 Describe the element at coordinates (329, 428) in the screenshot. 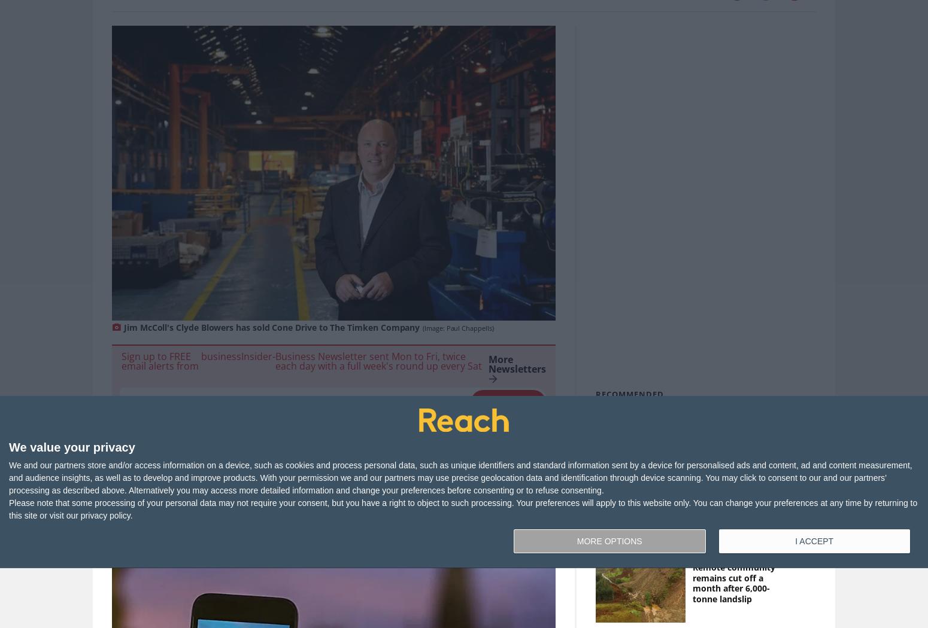

I see `'We use your sign-up to provide content in ways you’ve consented to and improve our understanding of you. This may include adverts from us and third parties based on our knowledge of you.'` at that location.